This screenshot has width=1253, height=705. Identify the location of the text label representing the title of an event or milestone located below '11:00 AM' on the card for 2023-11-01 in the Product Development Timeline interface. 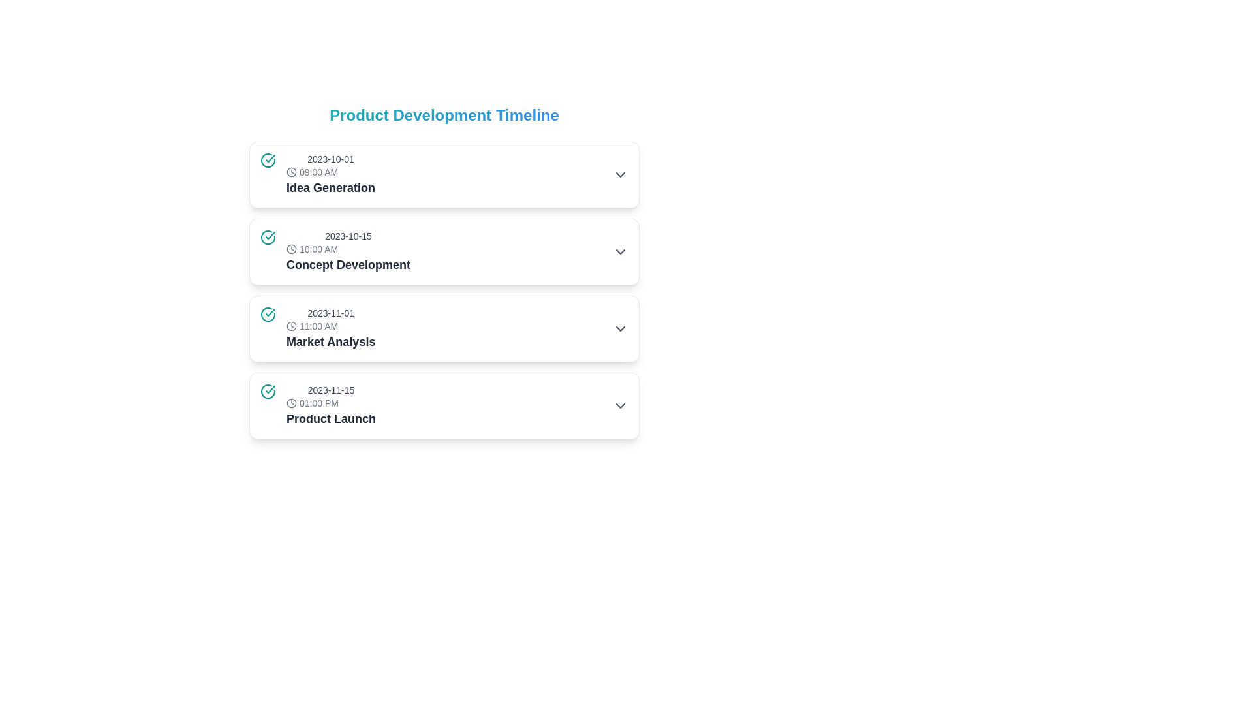
(331, 341).